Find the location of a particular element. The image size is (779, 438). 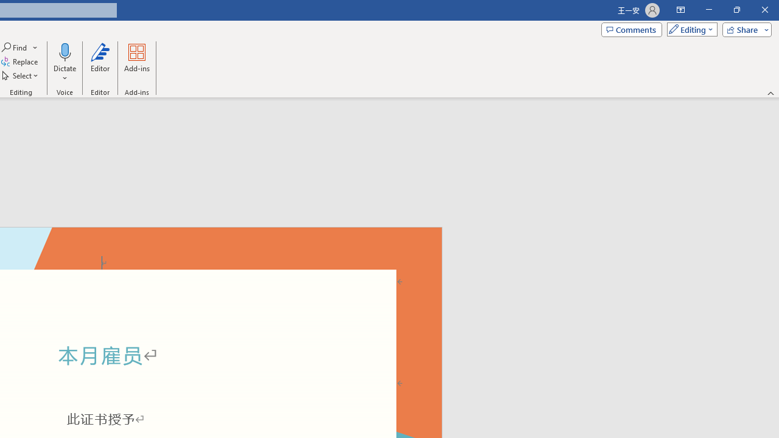

'Minimize' is located at coordinates (708, 10).